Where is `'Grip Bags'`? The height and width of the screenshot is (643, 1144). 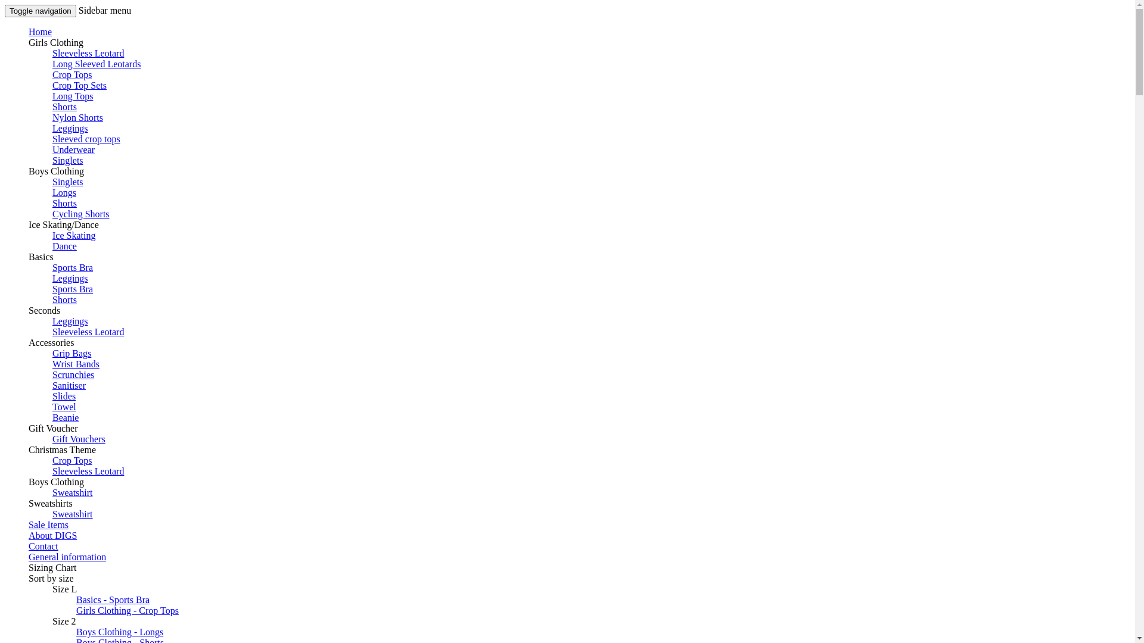
'Grip Bags' is located at coordinates (71, 352).